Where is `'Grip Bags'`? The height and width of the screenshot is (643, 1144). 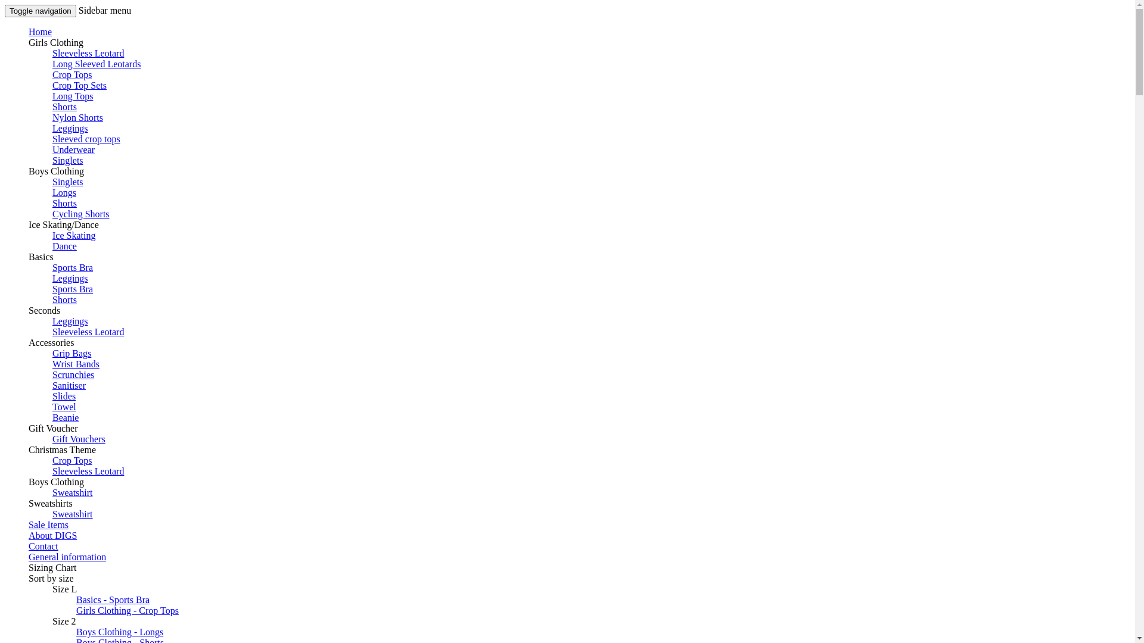
'Grip Bags' is located at coordinates (71, 352).